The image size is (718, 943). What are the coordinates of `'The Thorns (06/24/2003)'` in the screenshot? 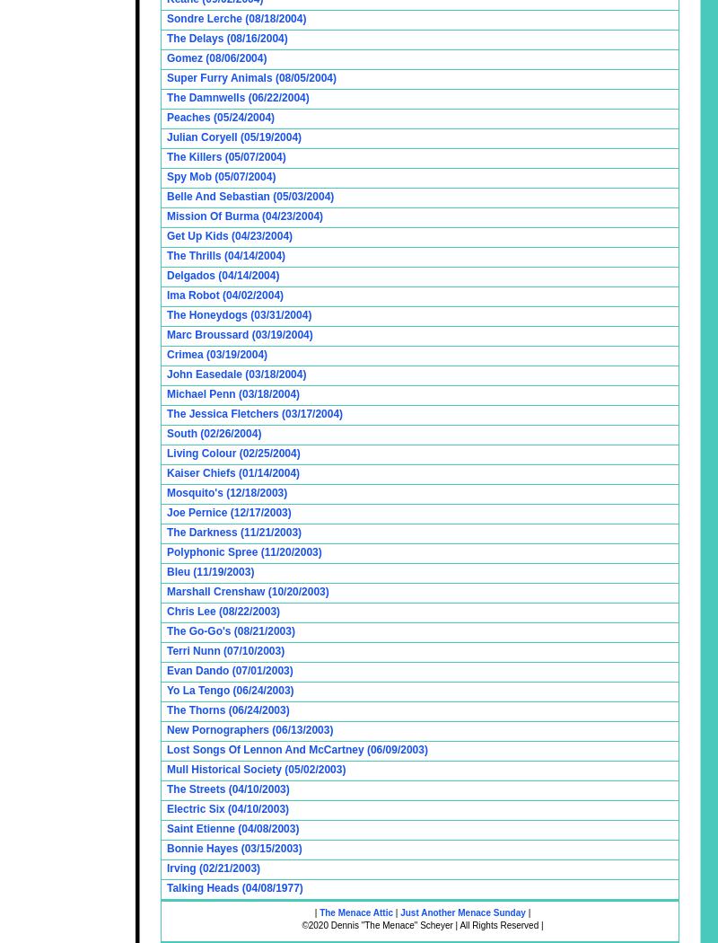 It's located at (227, 709).